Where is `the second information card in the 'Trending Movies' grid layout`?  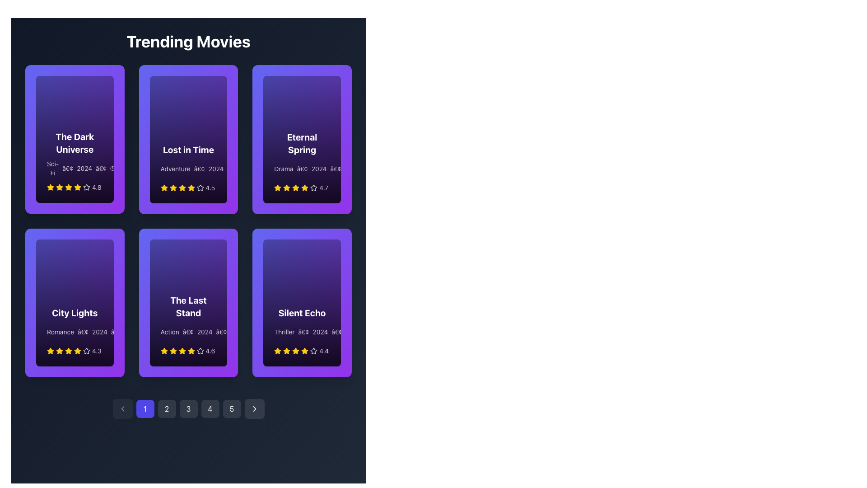 the second information card in the 'Trending Movies' grid layout is located at coordinates (188, 139).